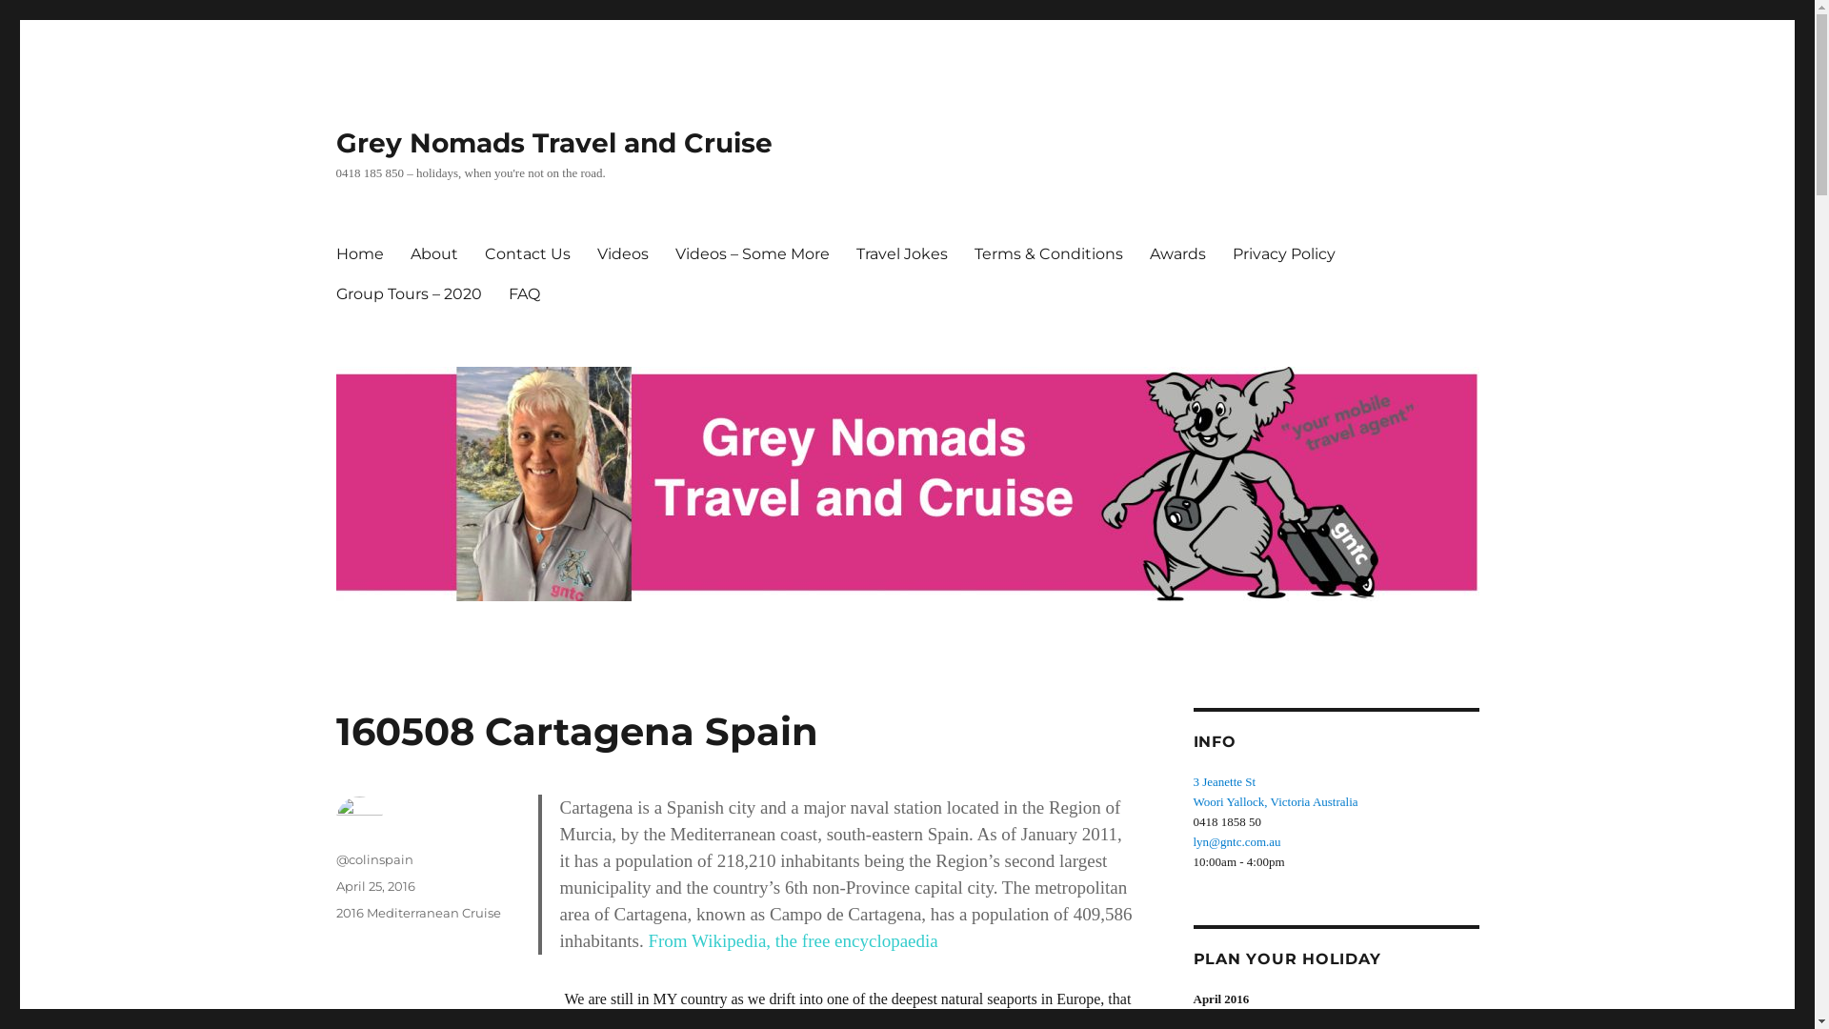 The width and height of the screenshot is (1829, 1029). What do you see at coordinates (526, 252) in the screenshot?
I see `'Contact Us'` at bounding box center [526, 252].